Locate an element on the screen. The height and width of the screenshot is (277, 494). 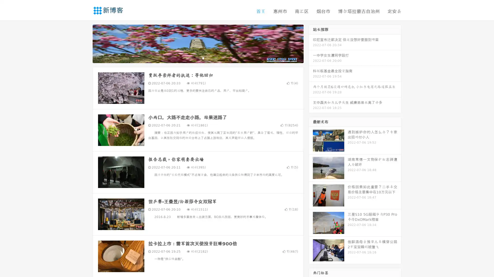
Next slide is located at coordinates (311, 43).